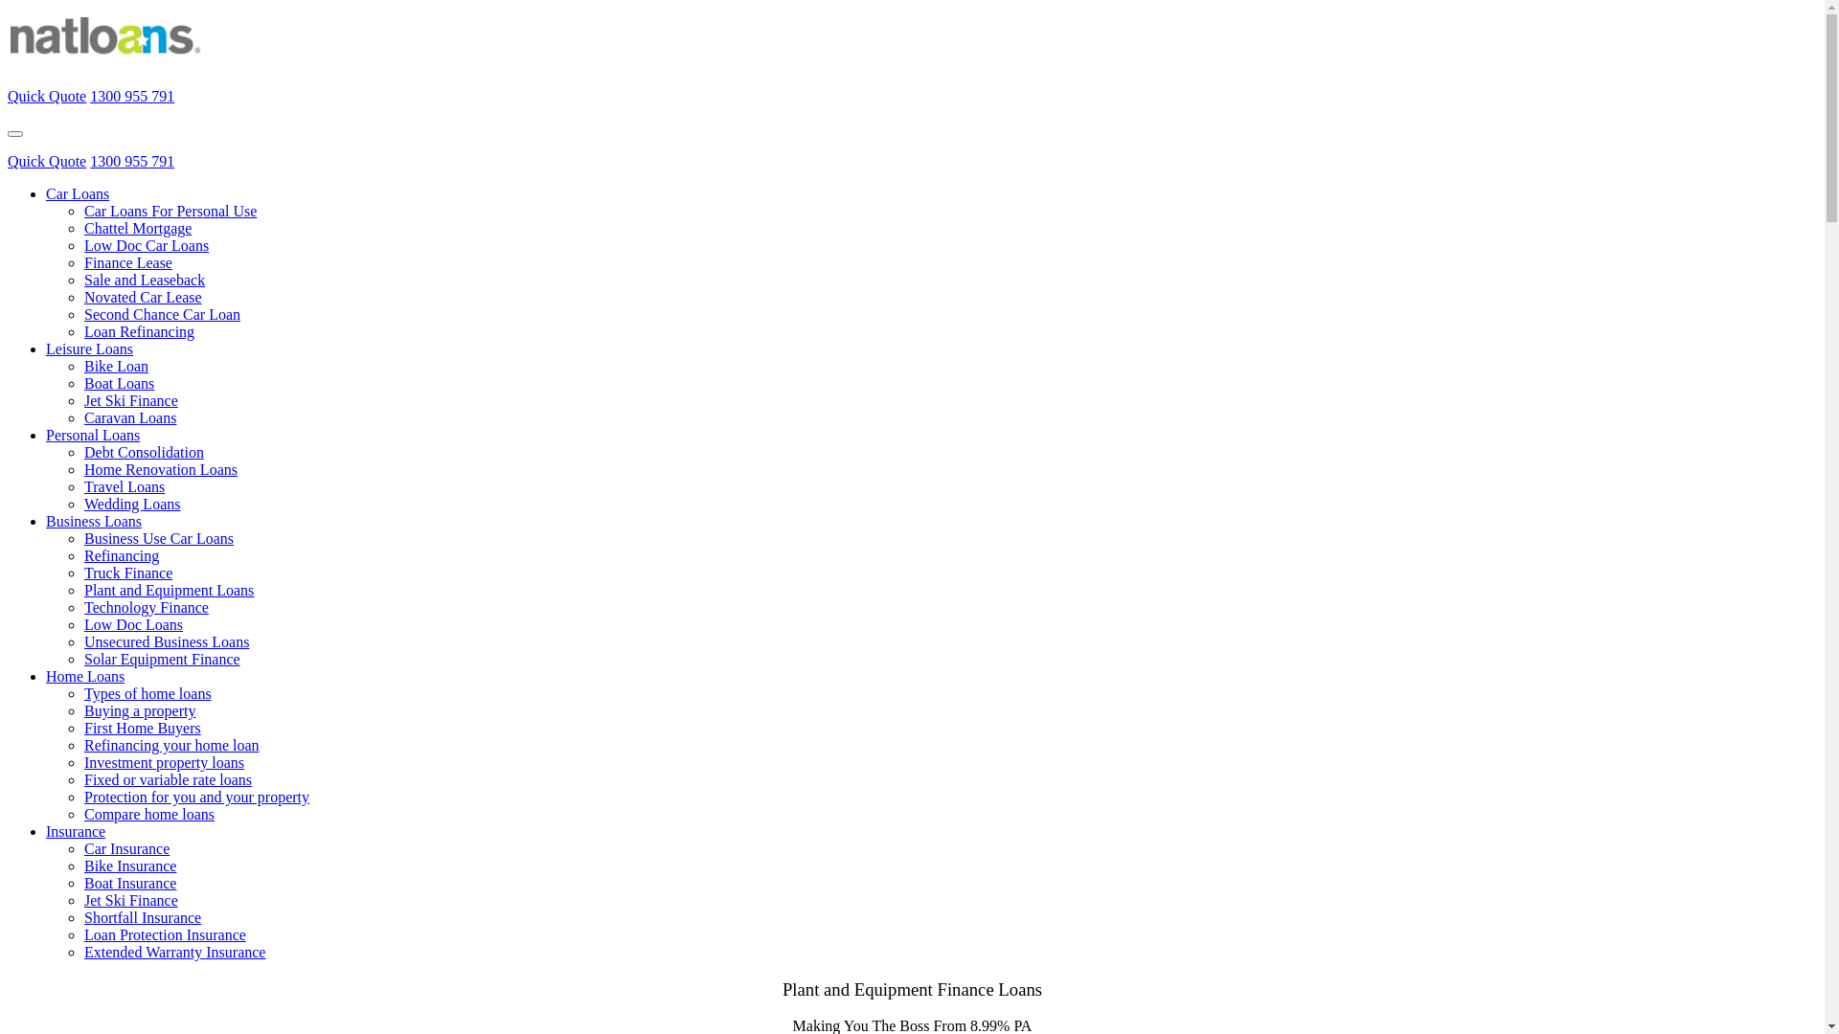 This screenshot has width=1839, height=1034. Describe the element at coordinates (148, 814) in the screenshot. I see `'Compare home loans'` at that location.